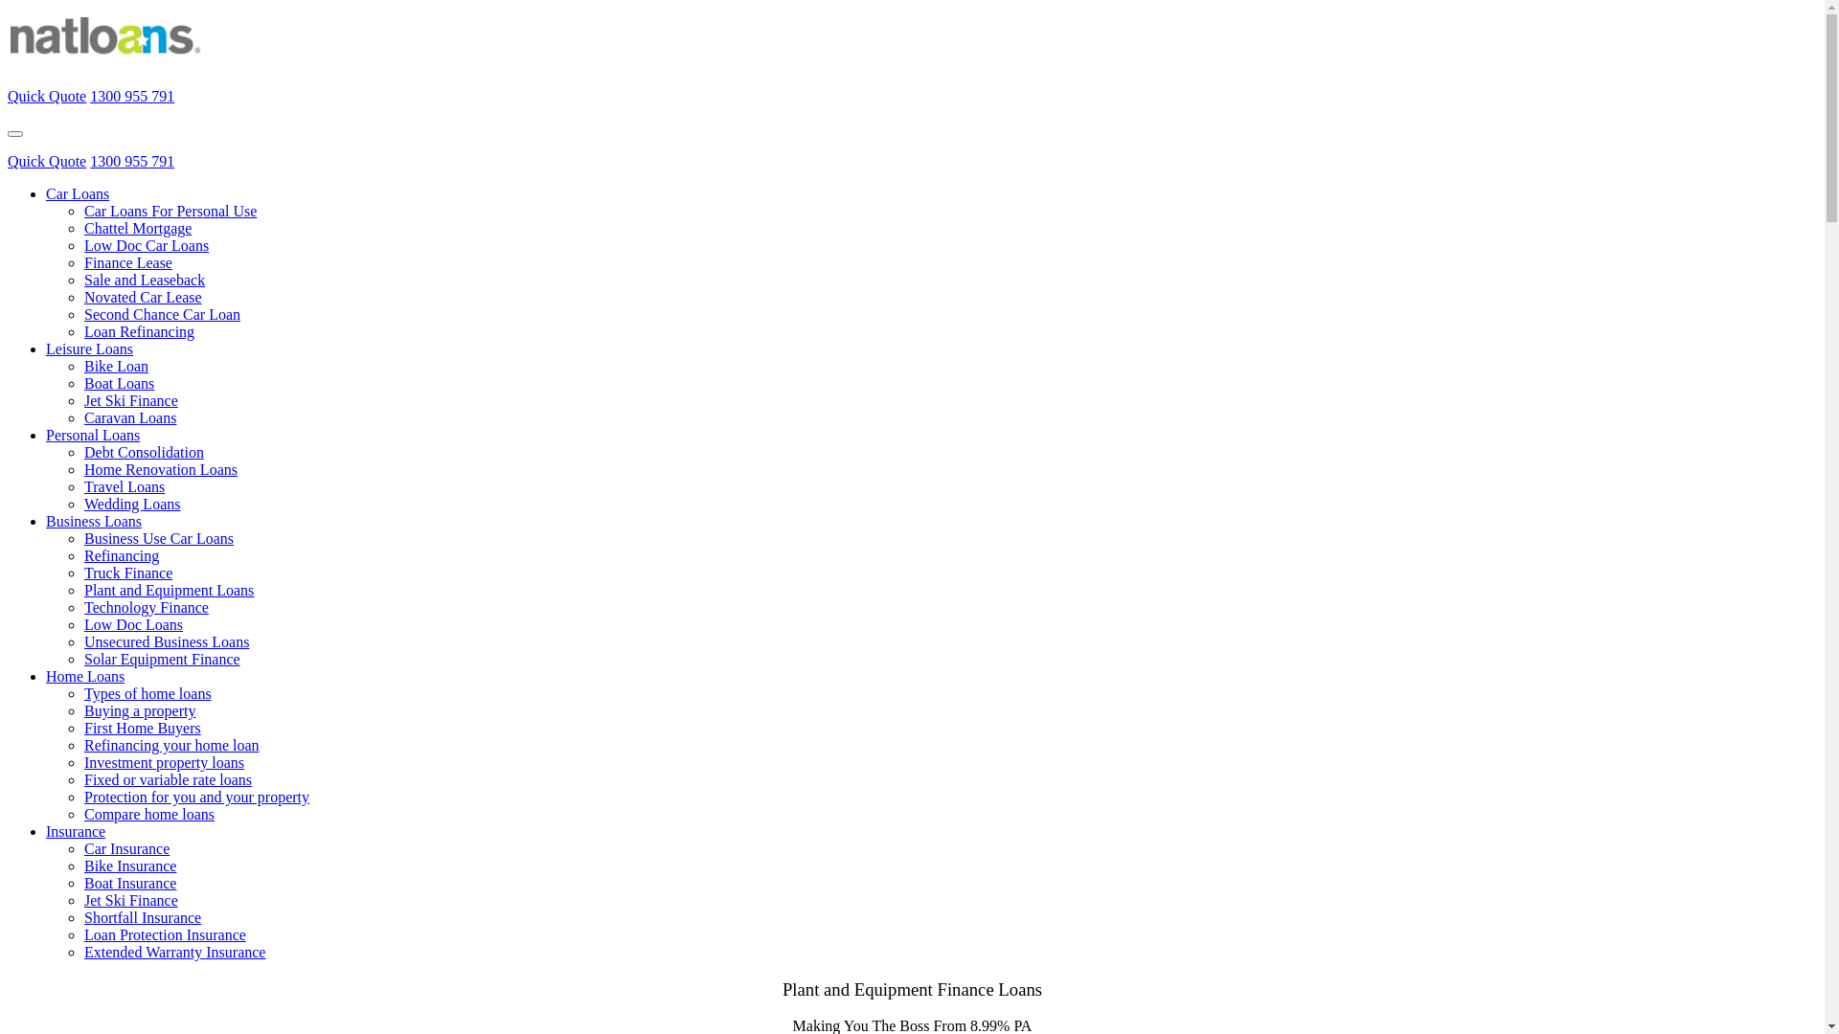 This screenshot has width=1839, height=1034. Describe the element at coordinates (148, 814) in the screenshot. I see `'Compare home loans'` at that location.